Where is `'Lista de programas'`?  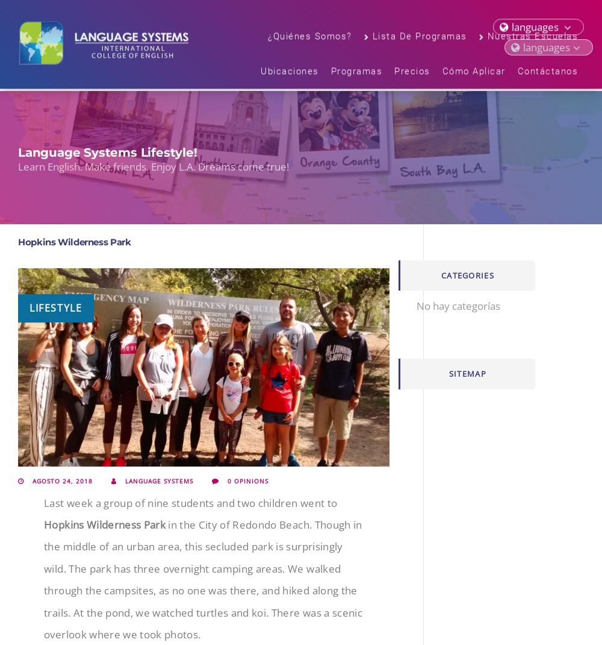
'Lista de programas' is located at coordinates (371, 37).